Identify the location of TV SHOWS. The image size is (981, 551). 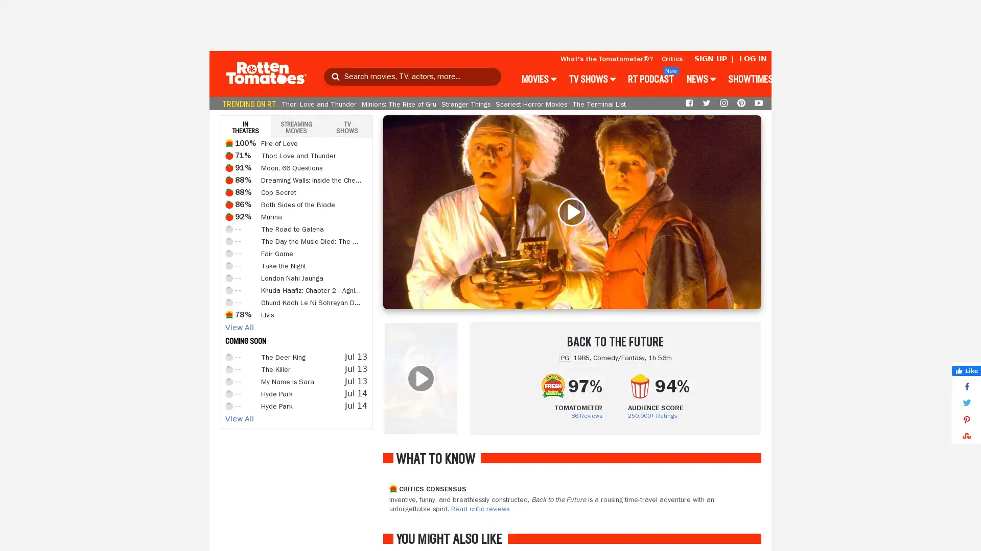
(346, 126).